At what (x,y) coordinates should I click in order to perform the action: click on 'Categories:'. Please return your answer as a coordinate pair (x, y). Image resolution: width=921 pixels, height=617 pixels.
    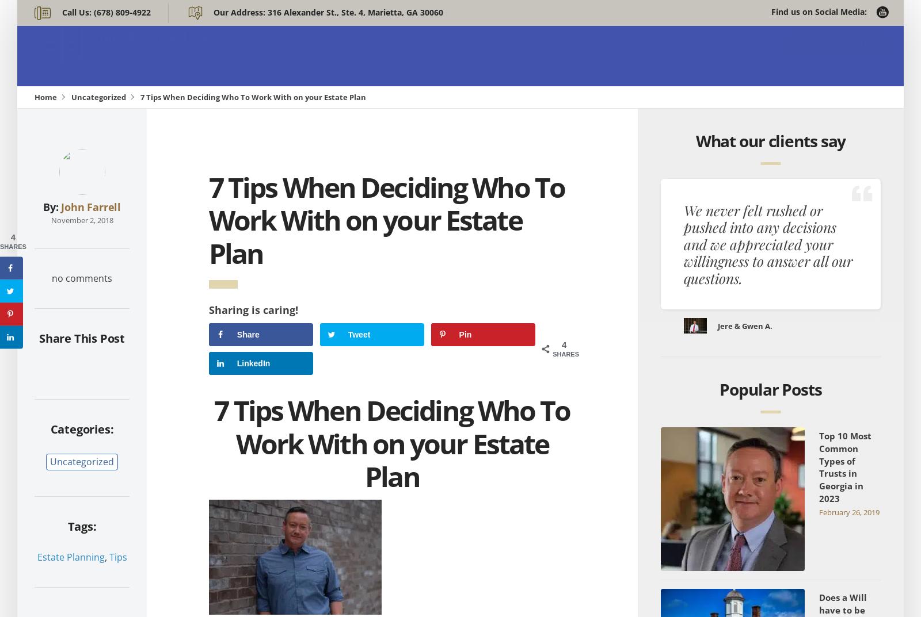
    Looking at the image, I should click on (50, 428).